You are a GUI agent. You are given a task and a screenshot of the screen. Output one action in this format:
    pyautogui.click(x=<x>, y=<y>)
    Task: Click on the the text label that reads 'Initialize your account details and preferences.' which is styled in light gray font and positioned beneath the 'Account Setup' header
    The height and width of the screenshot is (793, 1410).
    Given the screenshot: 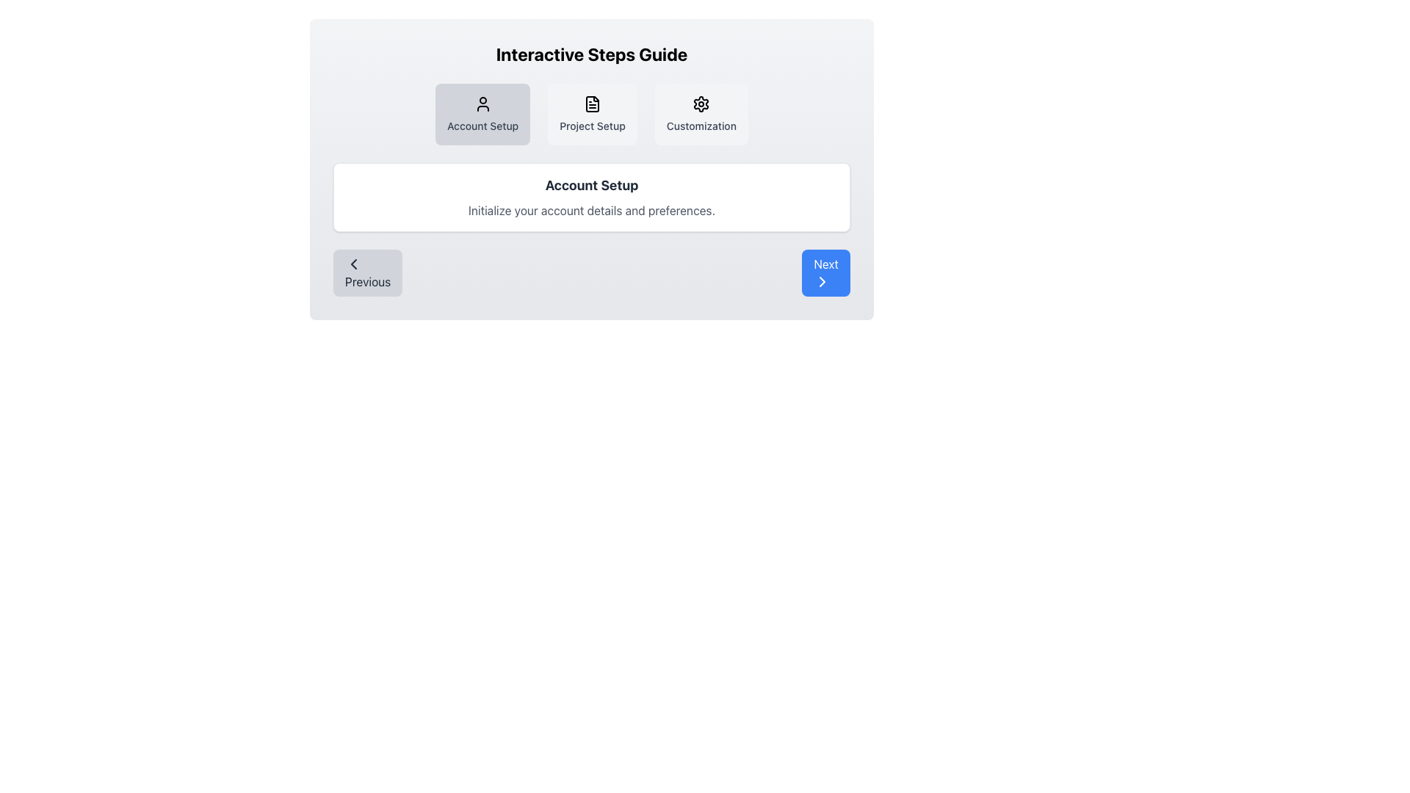 What is the action you would take?
    pyautogui.click(x=592, y=210)
    